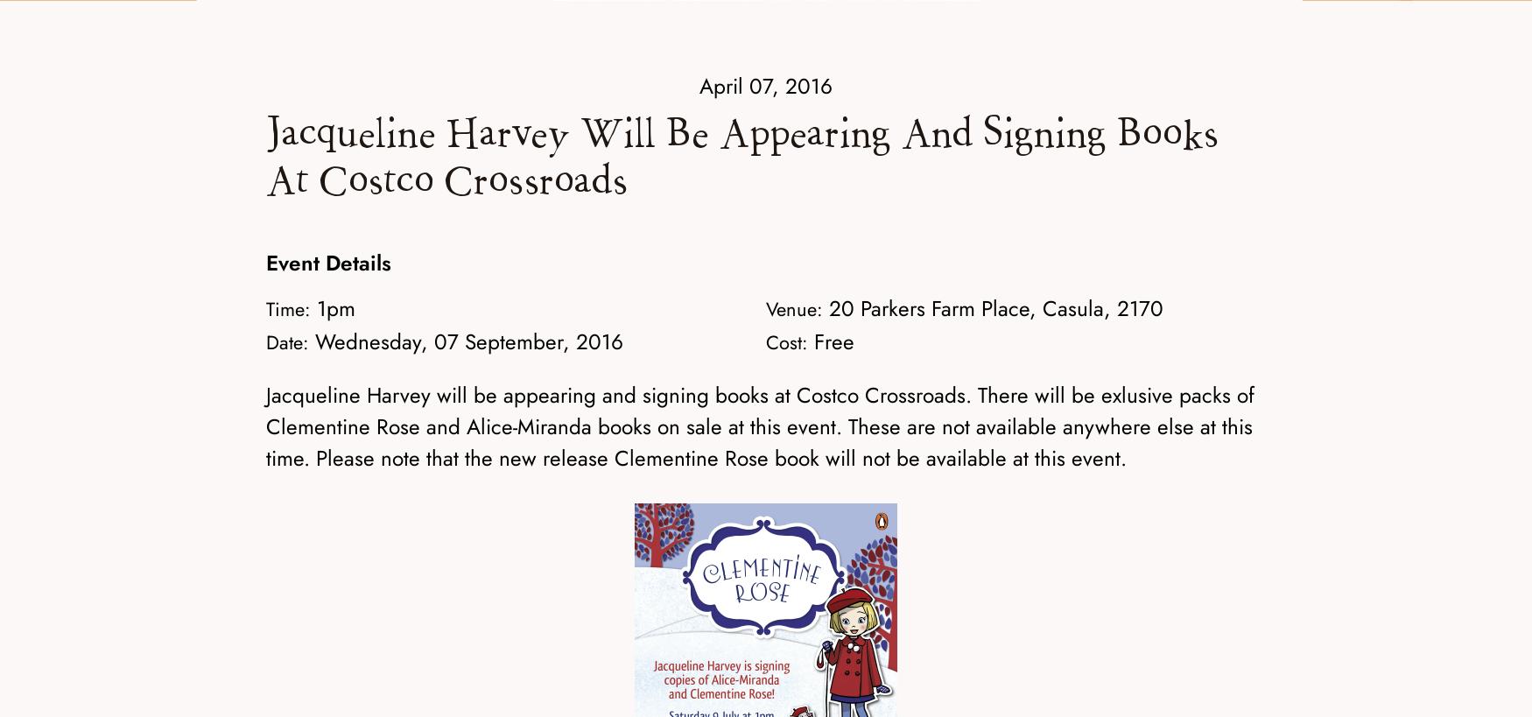 The image size is (1532, 717). I want to click on '1pm', so click(334, 307).